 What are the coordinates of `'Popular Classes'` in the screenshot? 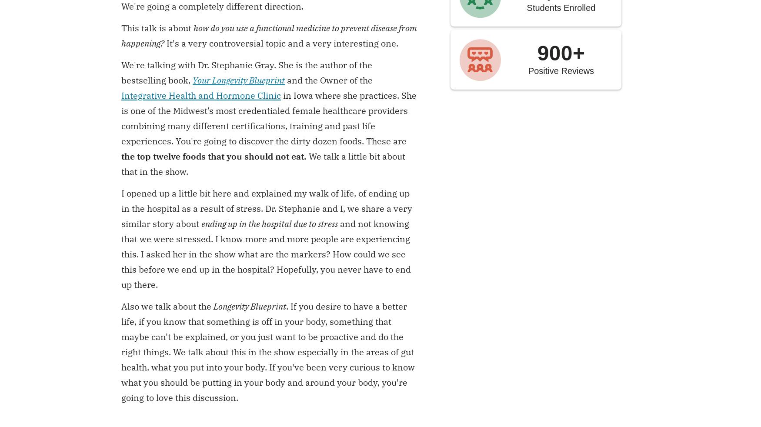 It's located at (380, 170).